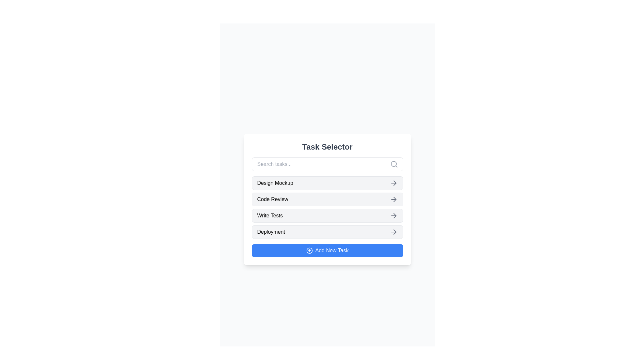  Describe the element at coordinates (309, 250) in the screenshot. I see `the circle element of the '+' icon within the blue 'Add New Task' button located at the bottom of the task management interface` at that location.